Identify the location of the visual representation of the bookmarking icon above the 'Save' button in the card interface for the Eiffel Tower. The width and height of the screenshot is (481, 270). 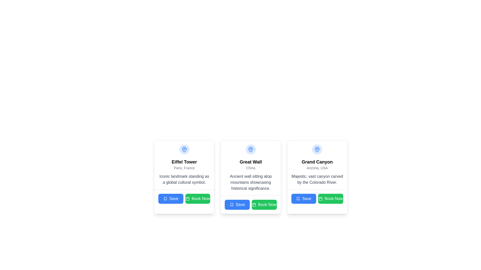
(165, 198).